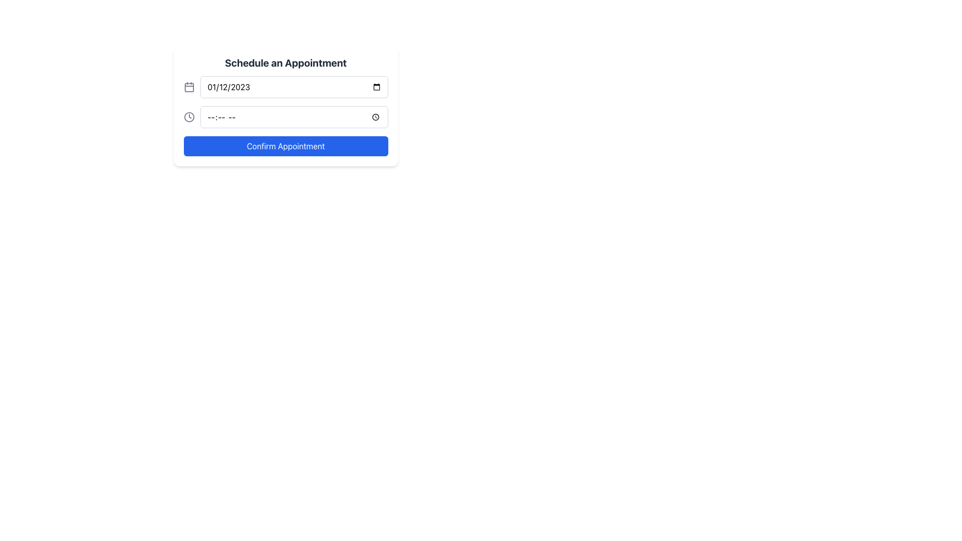  I want to click on the group containing the date input field and calendar icons, which is the first horizontal layout in the 'Schedule an Appointment' section, so click(285, 86).